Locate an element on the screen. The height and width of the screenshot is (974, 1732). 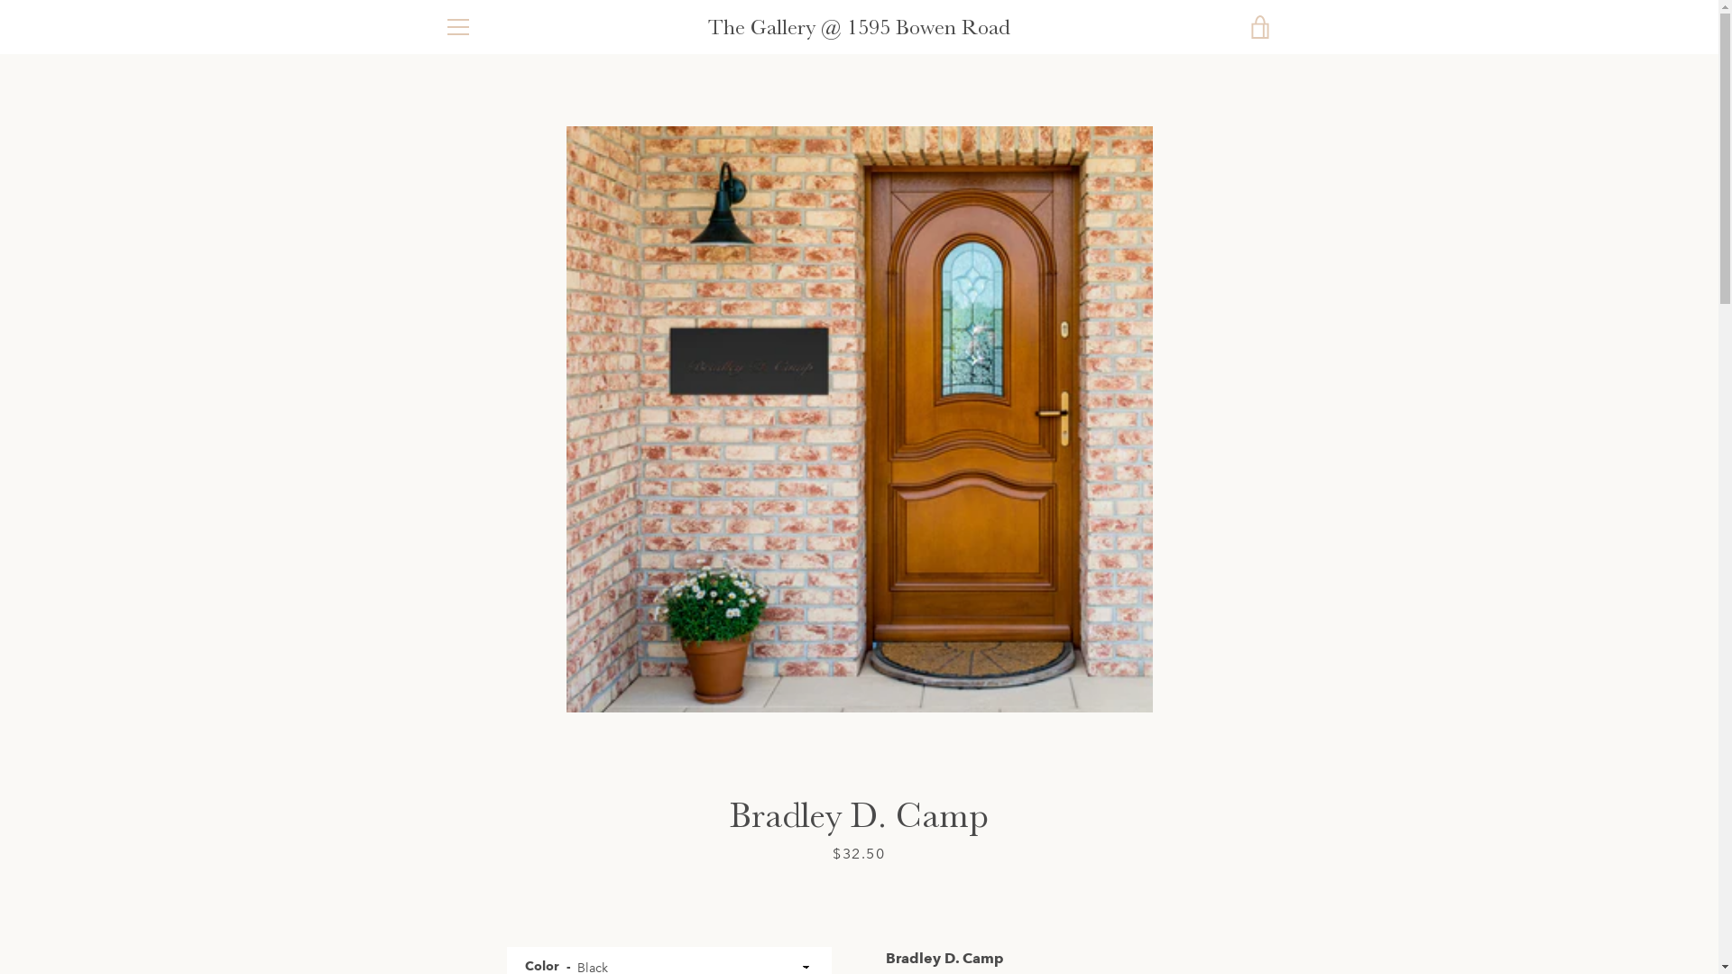
'Skip to content' is located at coordinates (0, 0).